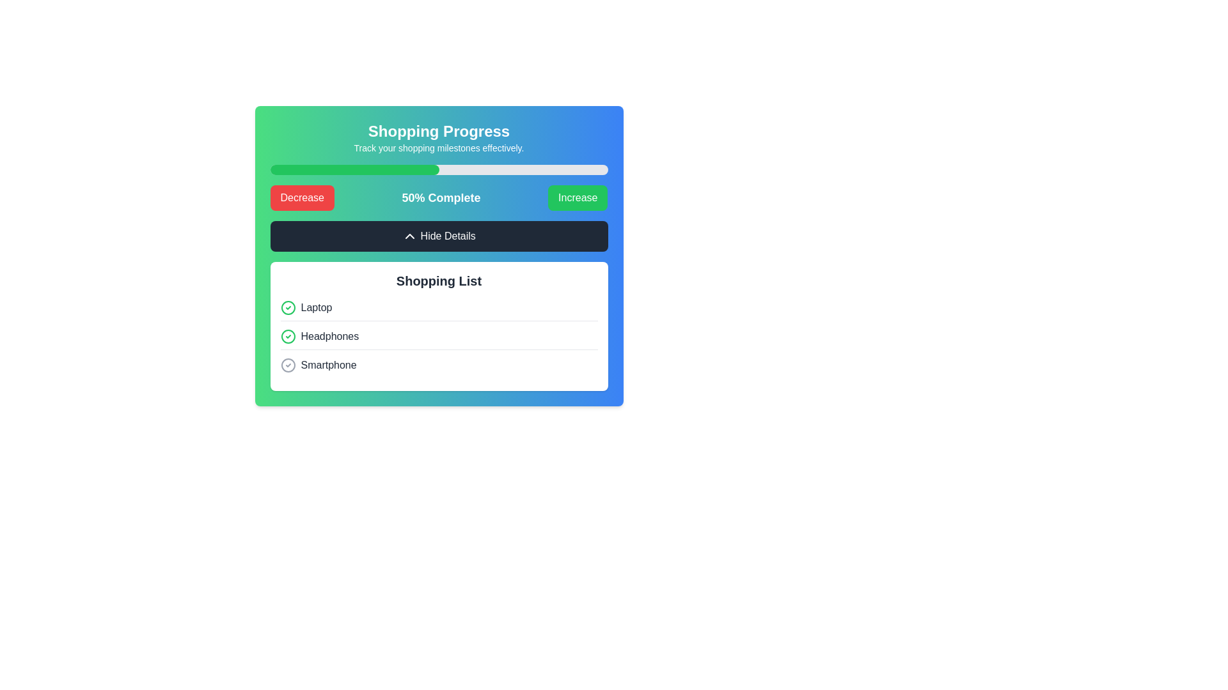 Image resolution: width=1228 pixels, height=690 pixels. What do you see at coordinates (287, 365) in the screenshot?
I see `the circular graphical shape that represents a circular outline in the 'check' icon within the 'Smartphone' list item of the 'Shopping List' section` at bounding box center [287, 365].